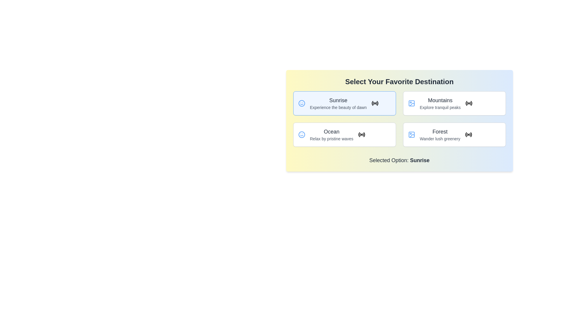  I want to click on the decorative component of the unselected state of the radio button for the 'Ocean' option, located near the top-right part of the circular icon design, so click(360, 134).